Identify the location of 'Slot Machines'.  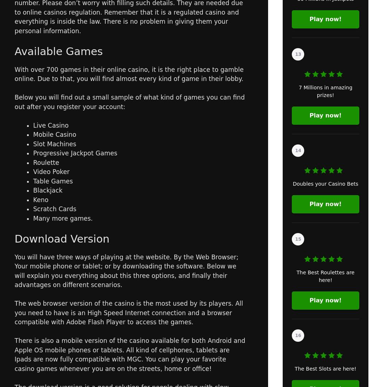
(55, 143).